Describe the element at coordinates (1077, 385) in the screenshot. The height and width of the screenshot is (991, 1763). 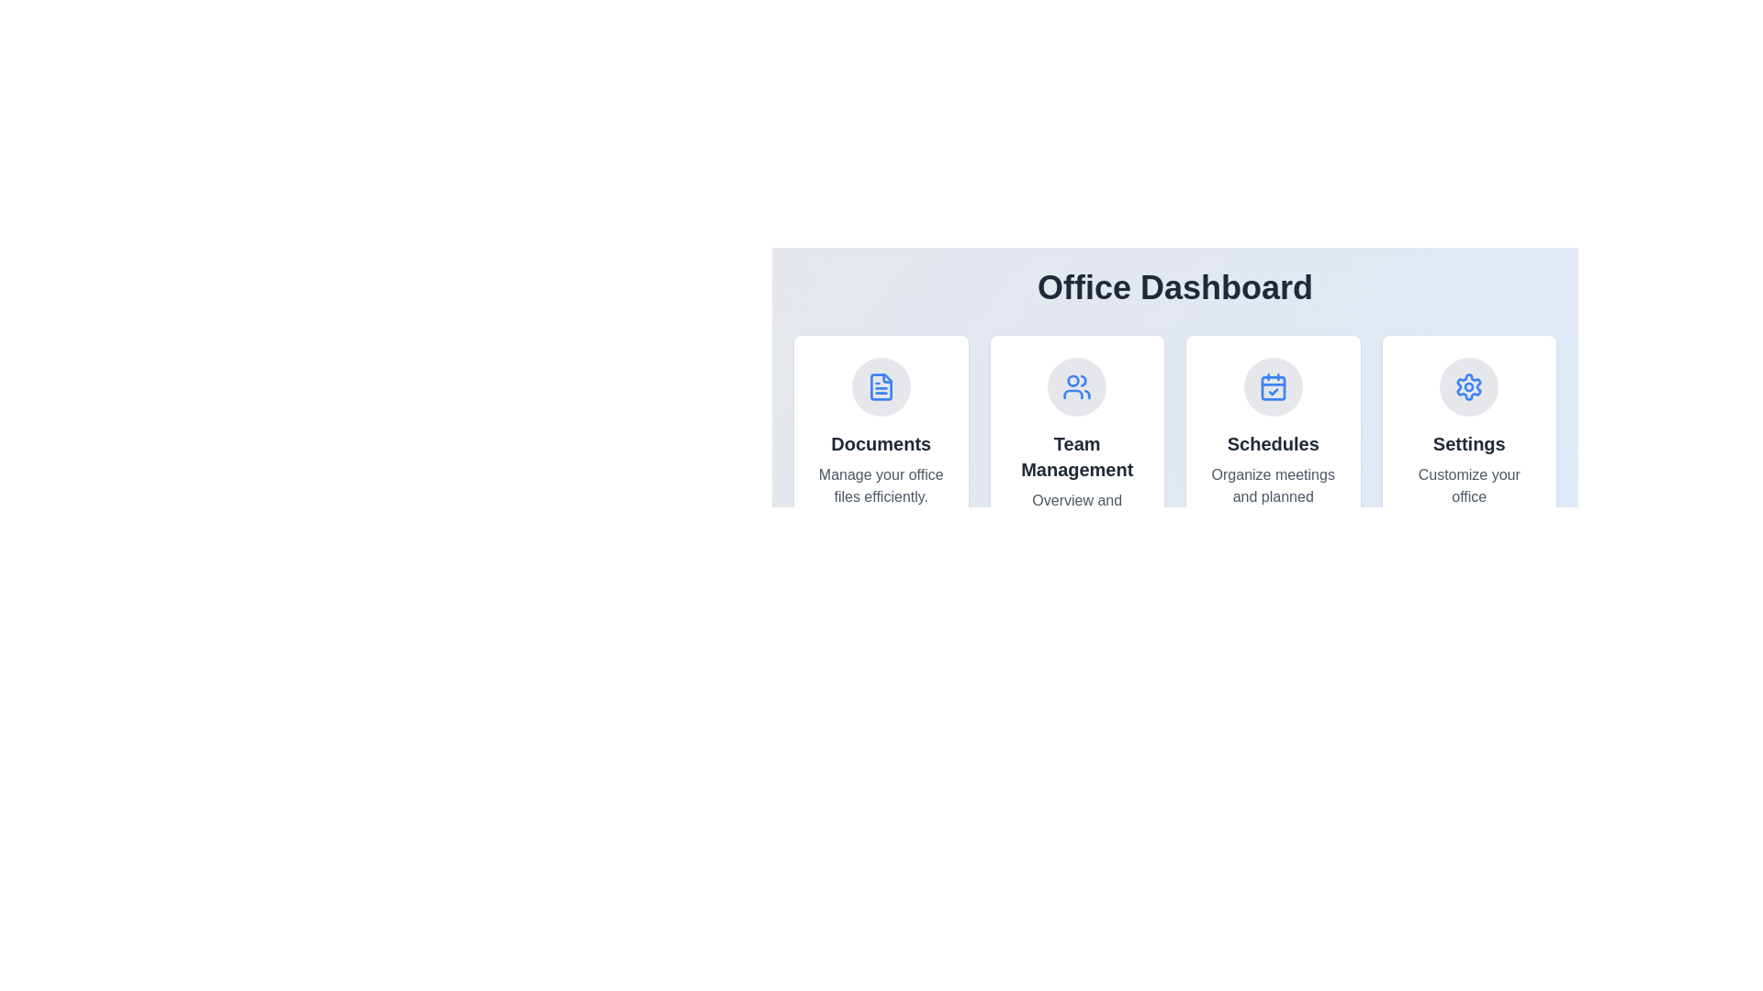
I see `the circular team management icon with a blue outline of two figures, located at the center of the card labeled 'Team Management'` at that location.